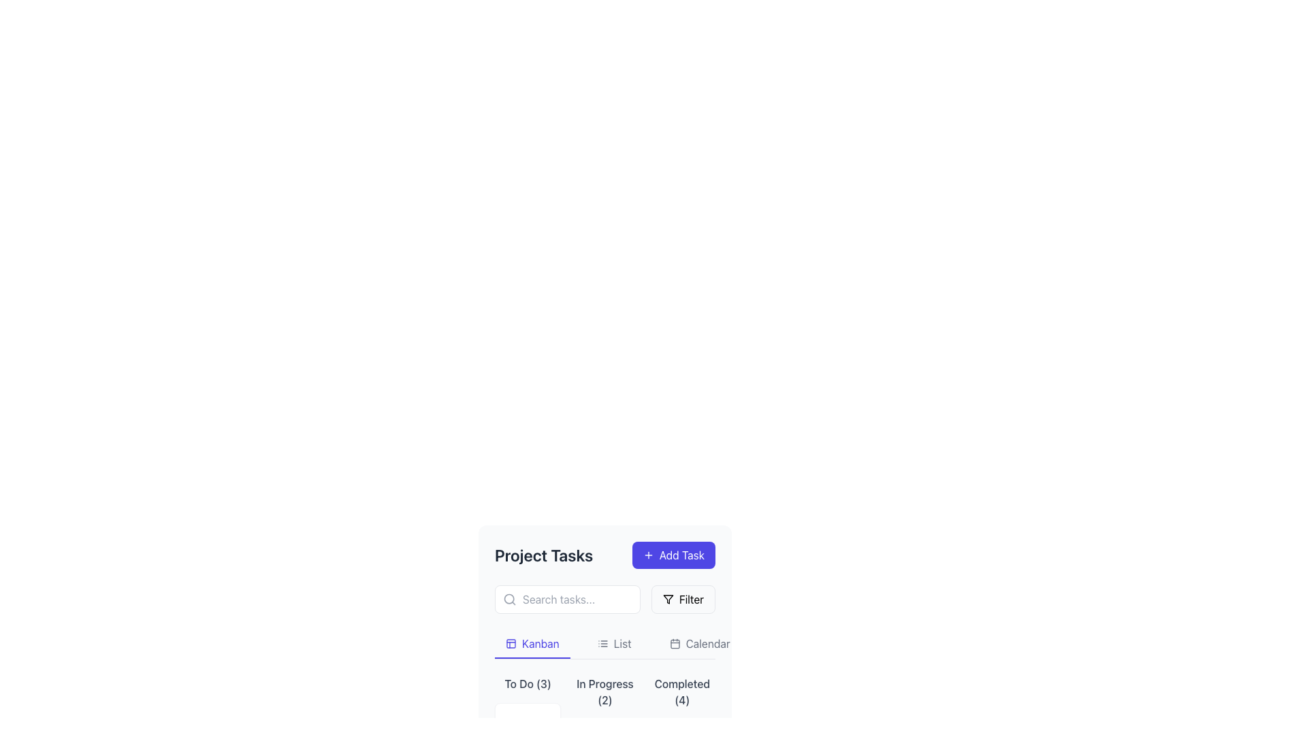  Describe the element at coordinates (509, 598) in the screenshot. I see `the search icon located to the left of the 'Search tasks...' text box, which indicates the search feature` at that location.